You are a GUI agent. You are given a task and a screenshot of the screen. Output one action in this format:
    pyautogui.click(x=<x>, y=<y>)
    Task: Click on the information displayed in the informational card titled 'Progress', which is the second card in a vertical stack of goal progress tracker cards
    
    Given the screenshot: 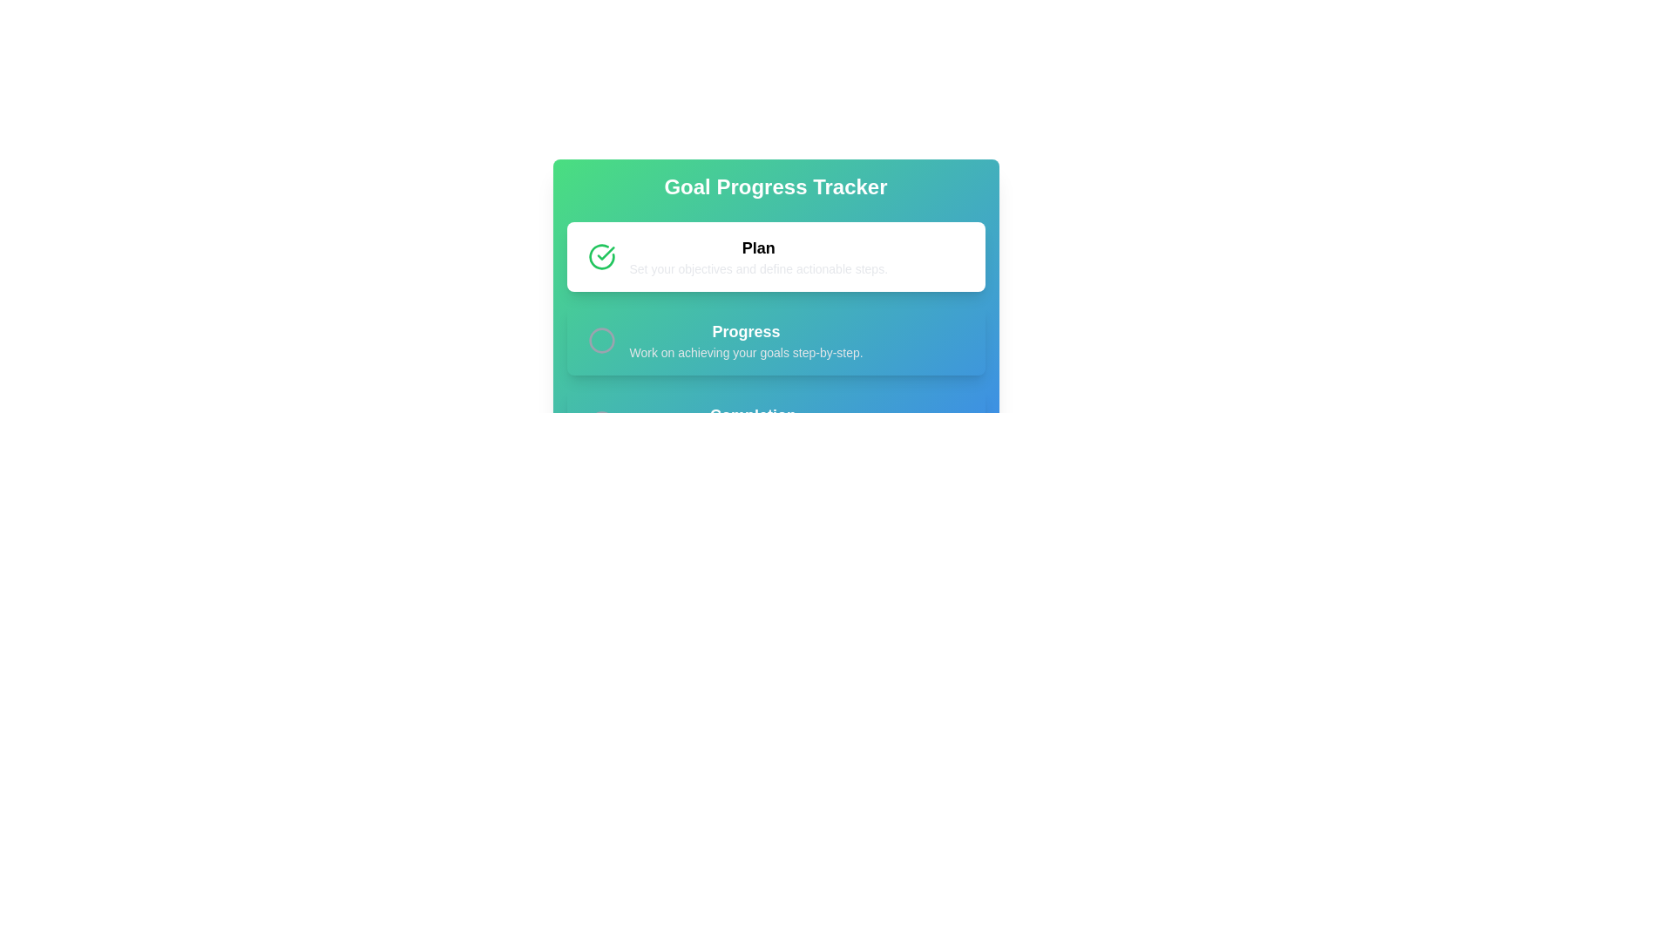 What is the action you would take?
    pyautogui.click(x=775, y=343)
    